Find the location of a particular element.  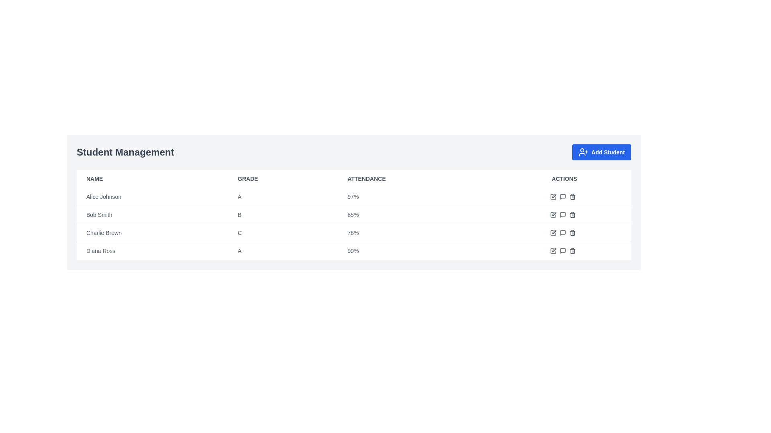

the table row displaying student details for 'Alice Johnson', which includes her grade 'A' and attendance percentage '97%' is located at coordinates (353, 197).